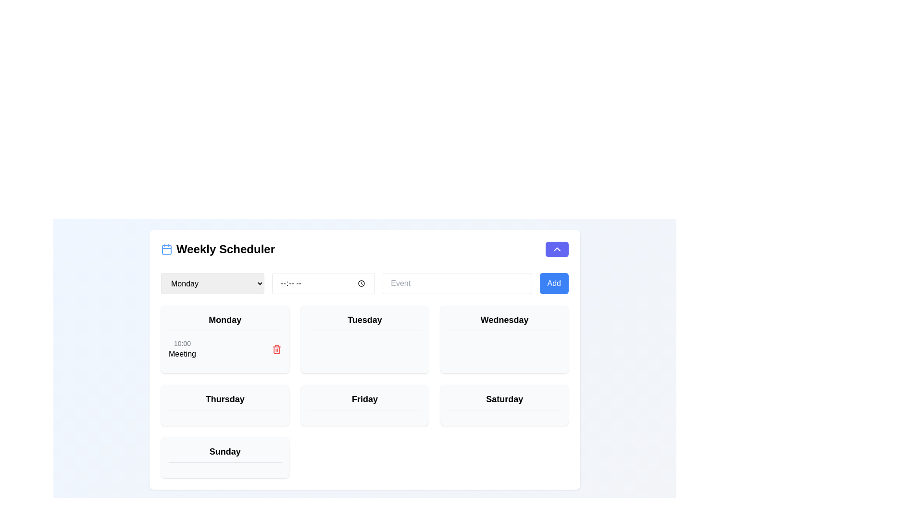  What do you see at coordinates (276, 350) in the screenshot?
I see `the trash bin icon for the 'Meeting' entry in the Monday block` at bounding box center [276, 350].